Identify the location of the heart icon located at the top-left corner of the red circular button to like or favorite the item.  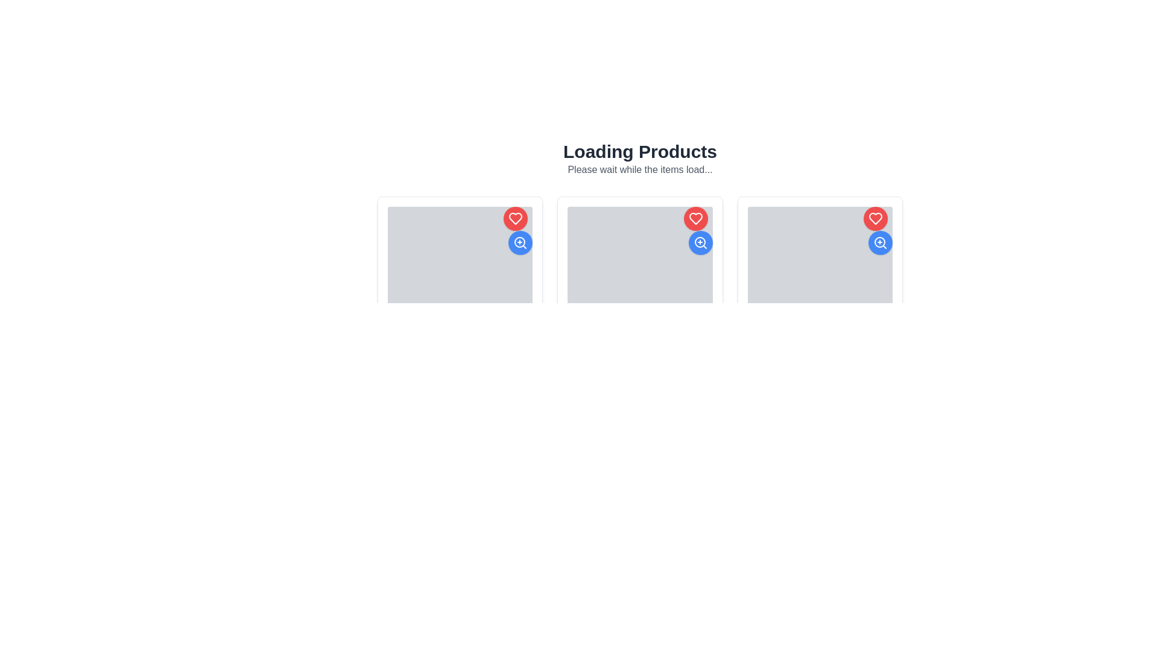
(695, 218).